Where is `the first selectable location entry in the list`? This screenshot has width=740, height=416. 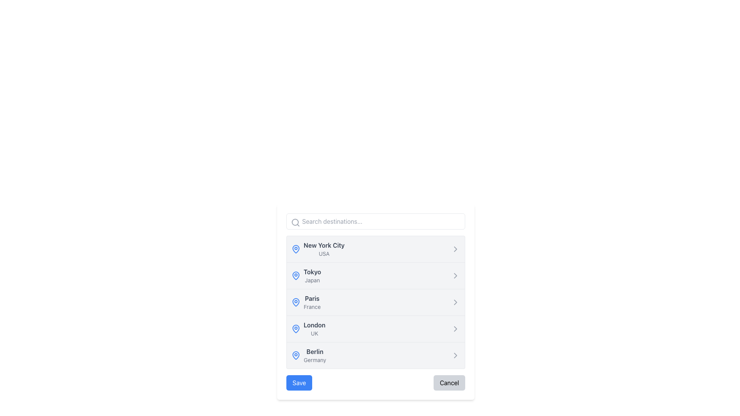 the first selectable location entry in the list is located at coordinates (318, 249).